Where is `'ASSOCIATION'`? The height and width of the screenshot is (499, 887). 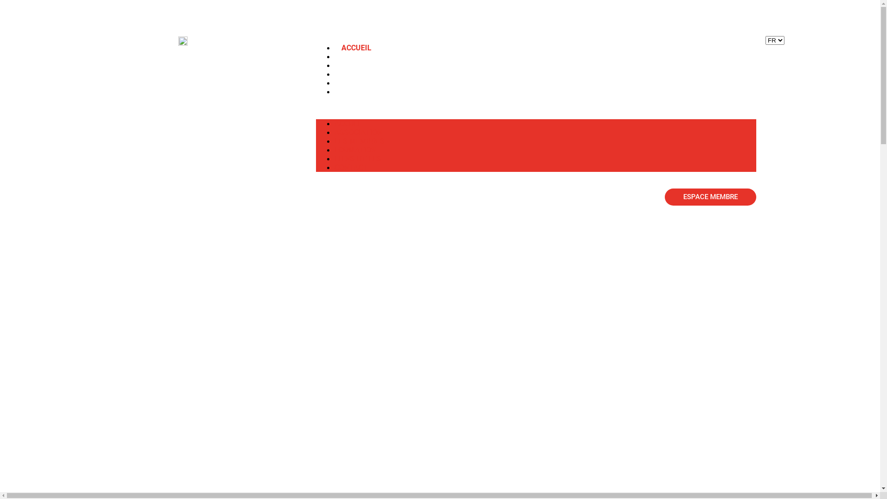 'ASSOCIATION' is located at coordinates (365, 56).